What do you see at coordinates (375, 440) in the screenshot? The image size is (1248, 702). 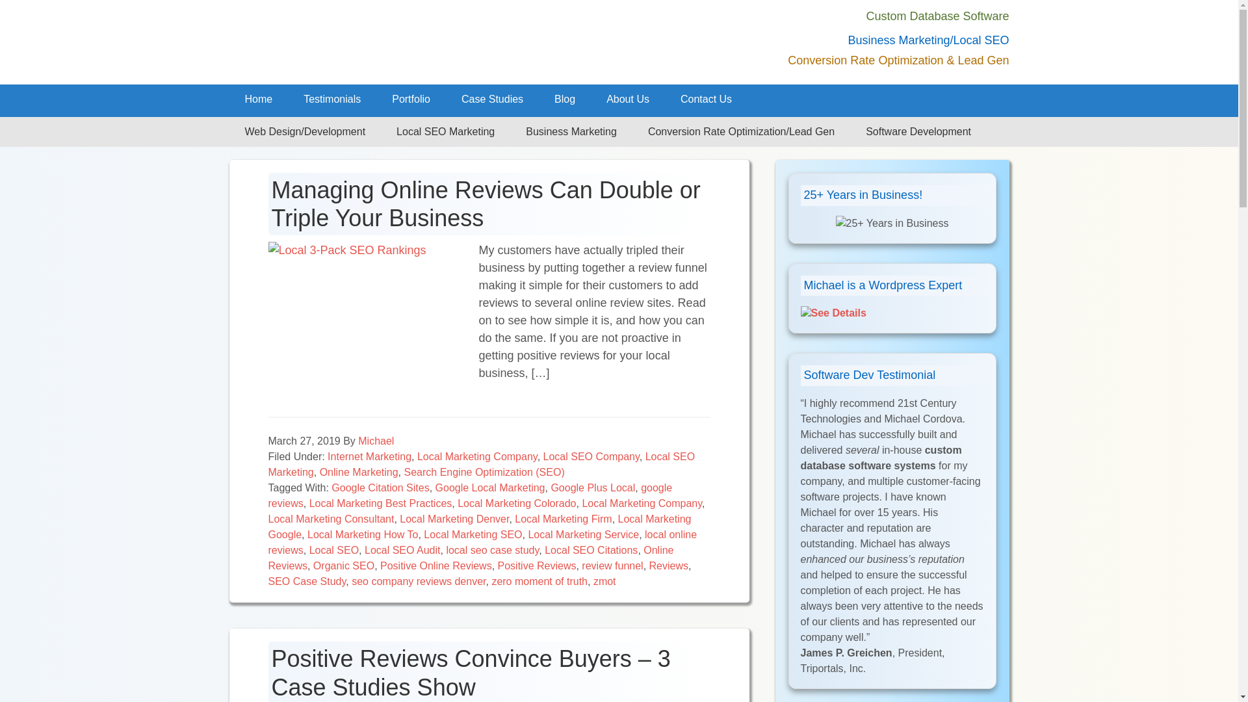 I see `'Michael'` at bounding box center [375, 440].